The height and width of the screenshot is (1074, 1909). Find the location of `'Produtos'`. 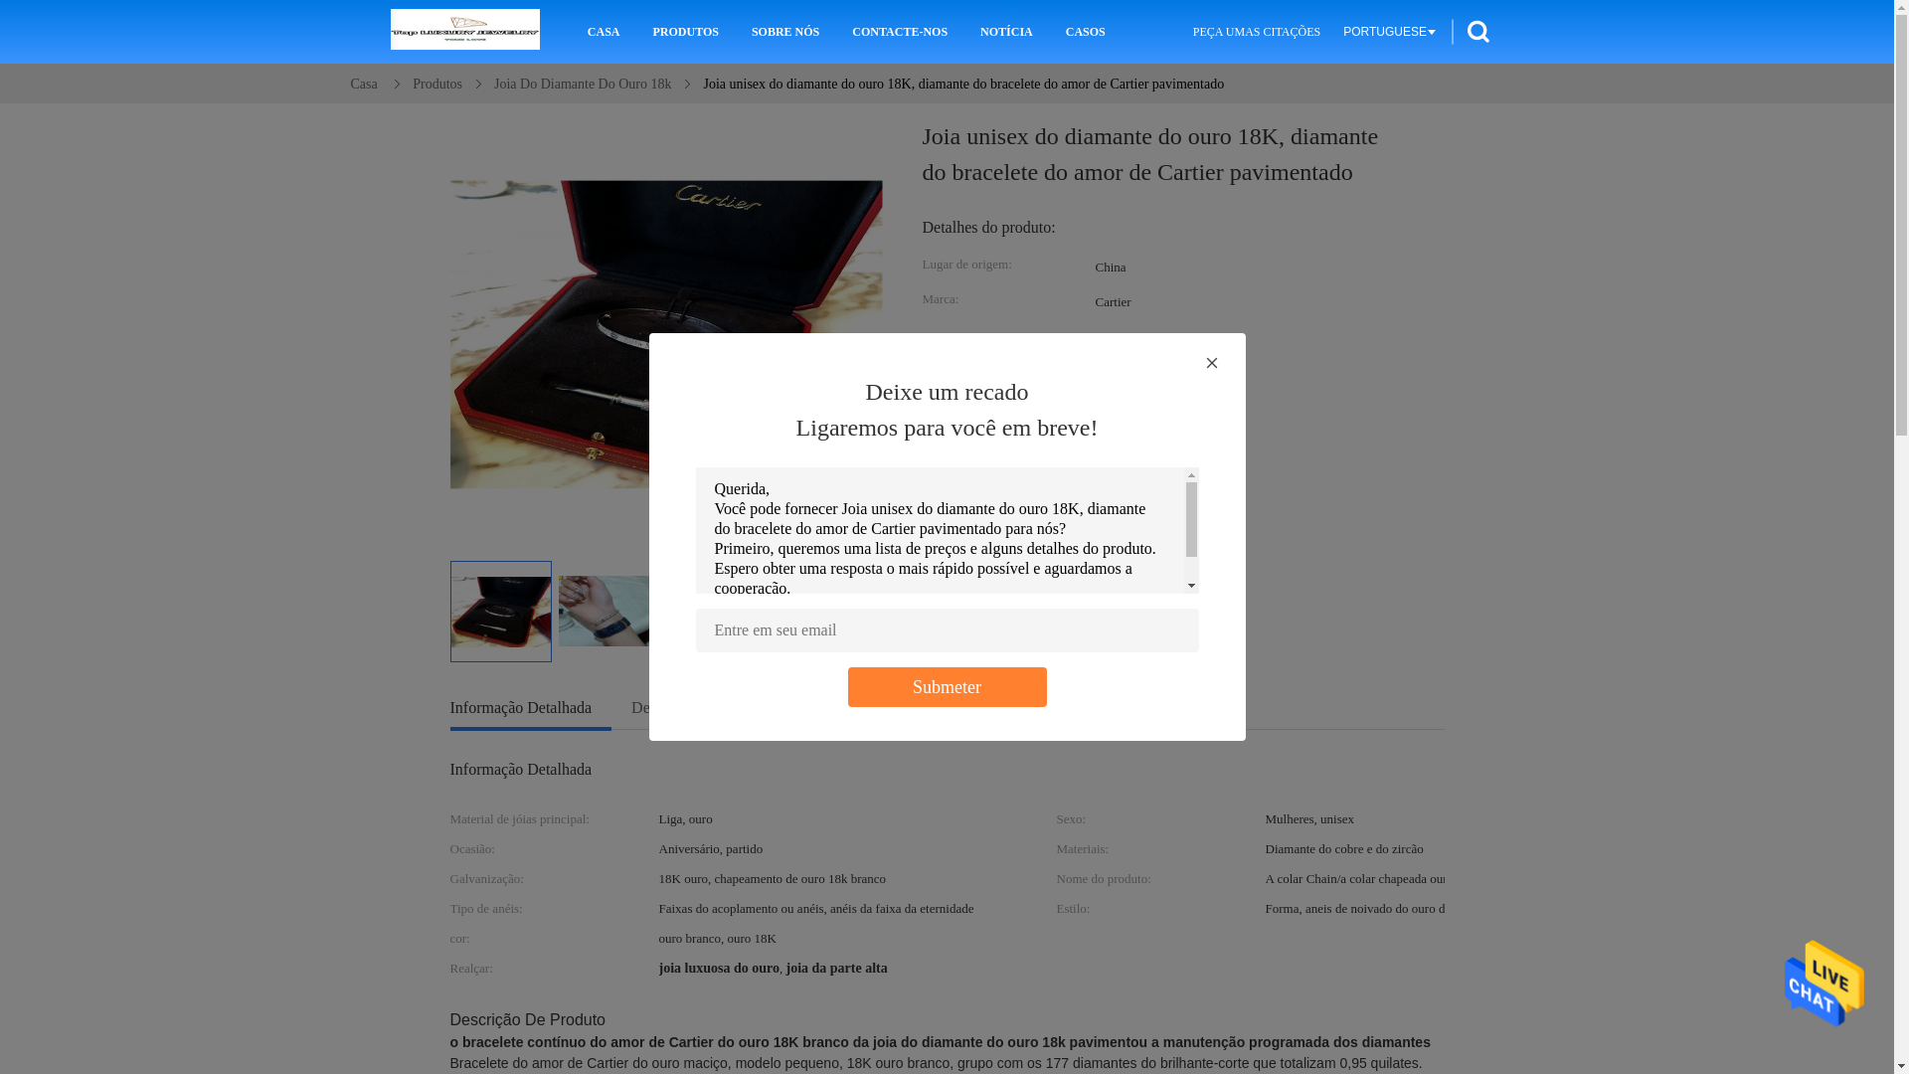

'Produtos' is located at coordinates (436, 83).